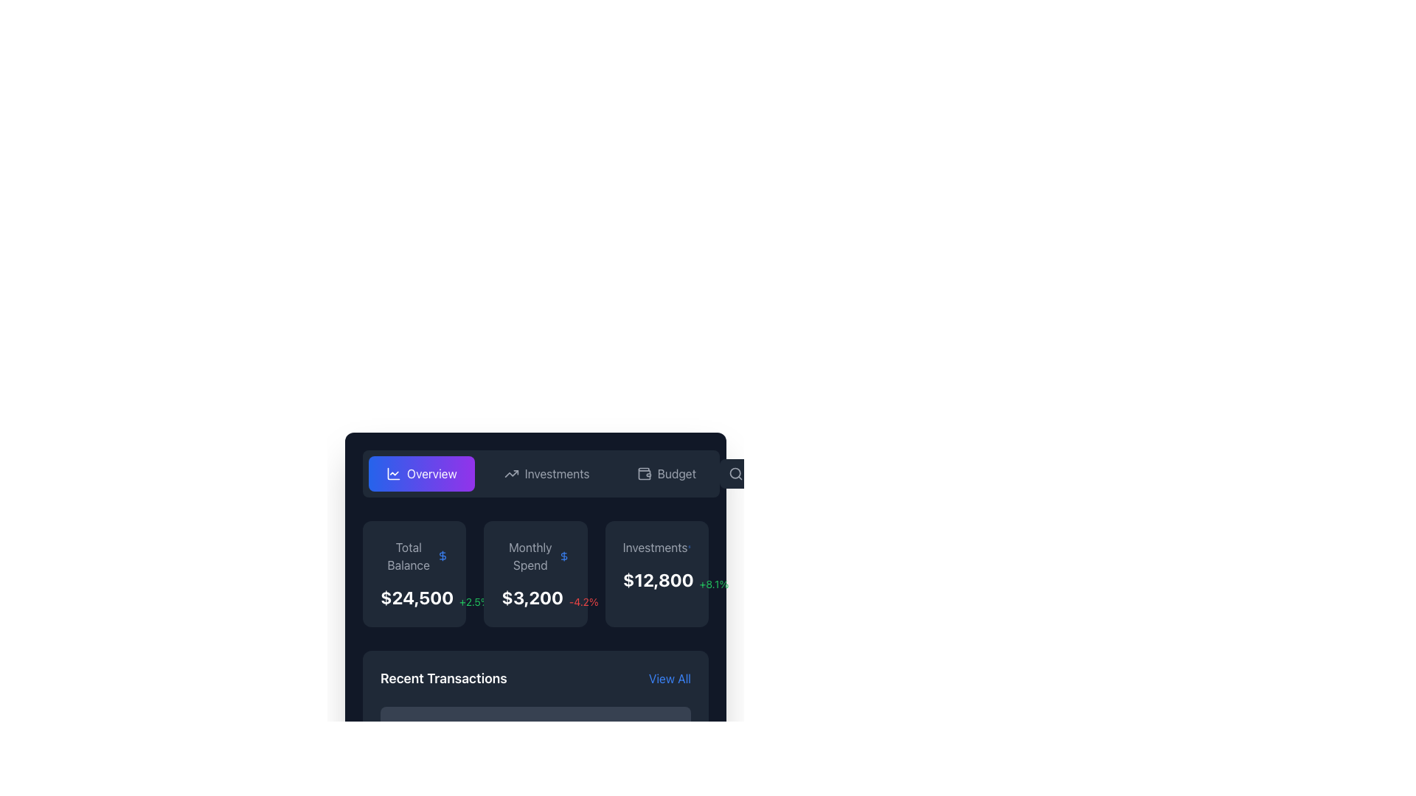  What do you see at coordinates (442, 556) in the screenshot?
I see `the blue dollar sign icon with a circular contour located in the 'Total Balance' section of the financial dashboard` at bounding box center [442, 556].